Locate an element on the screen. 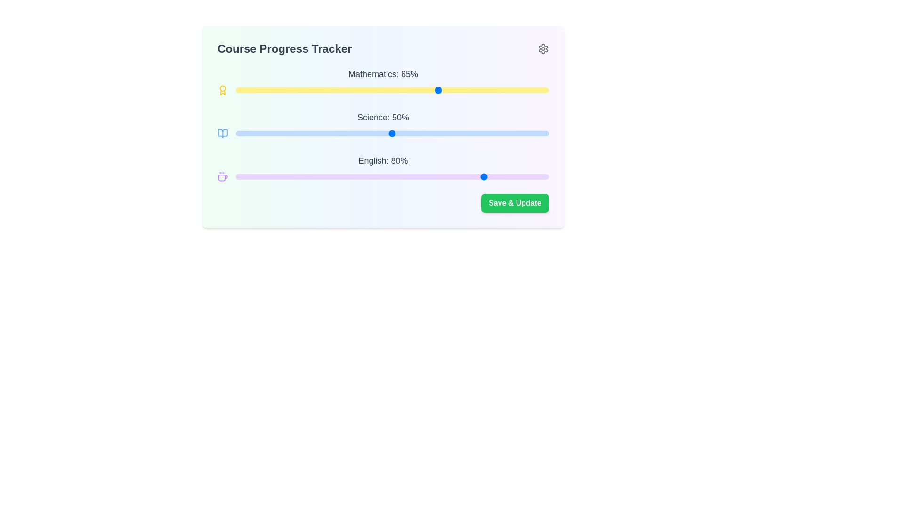 This screenshot has width=904, height=508. the mathematics progress is located at coordinates (470, 90).